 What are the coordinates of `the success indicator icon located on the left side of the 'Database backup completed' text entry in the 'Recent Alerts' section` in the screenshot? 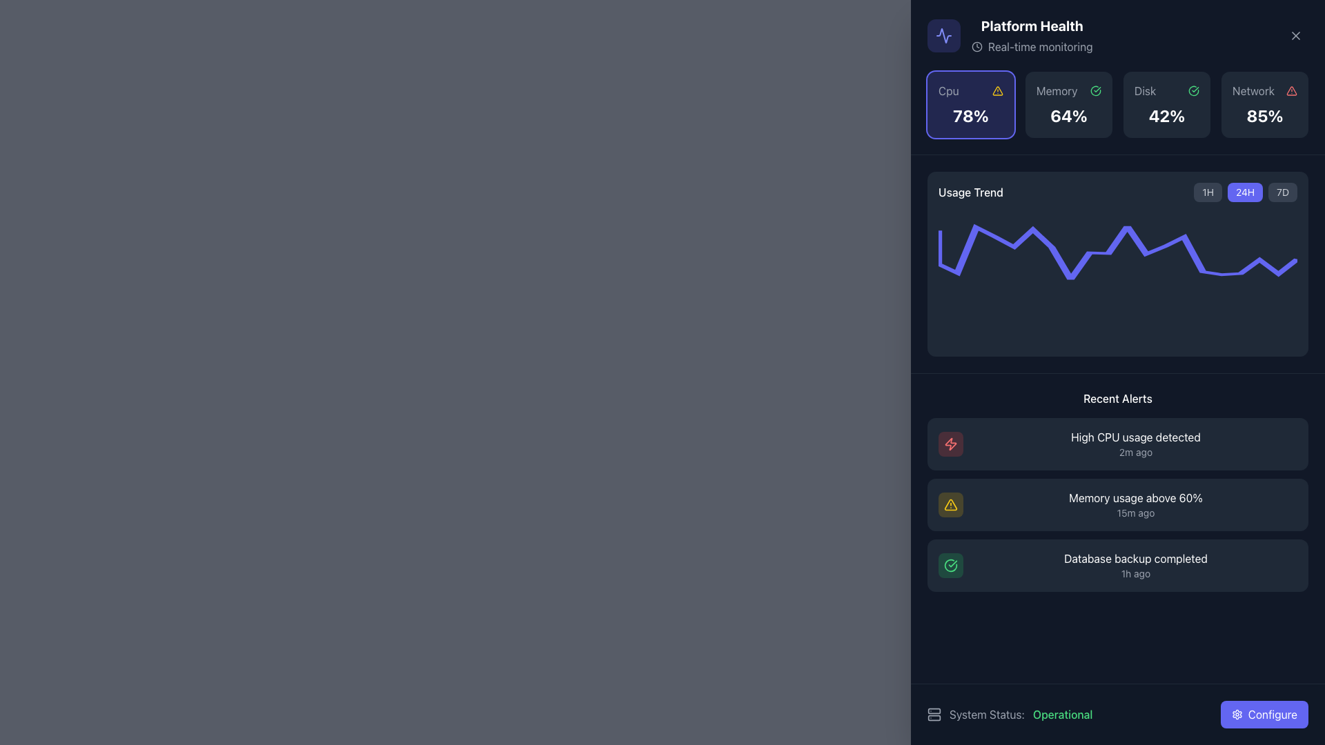 It's located at (950, 566).